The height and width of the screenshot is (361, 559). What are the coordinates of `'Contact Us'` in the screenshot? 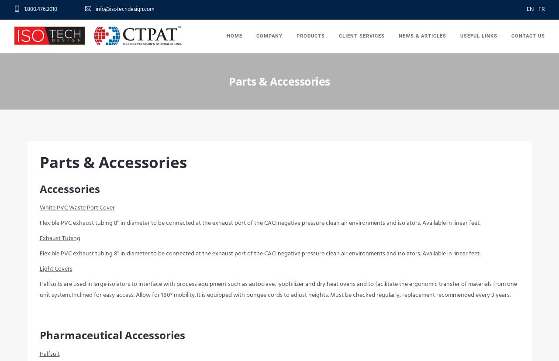 It's located at (528, 39).